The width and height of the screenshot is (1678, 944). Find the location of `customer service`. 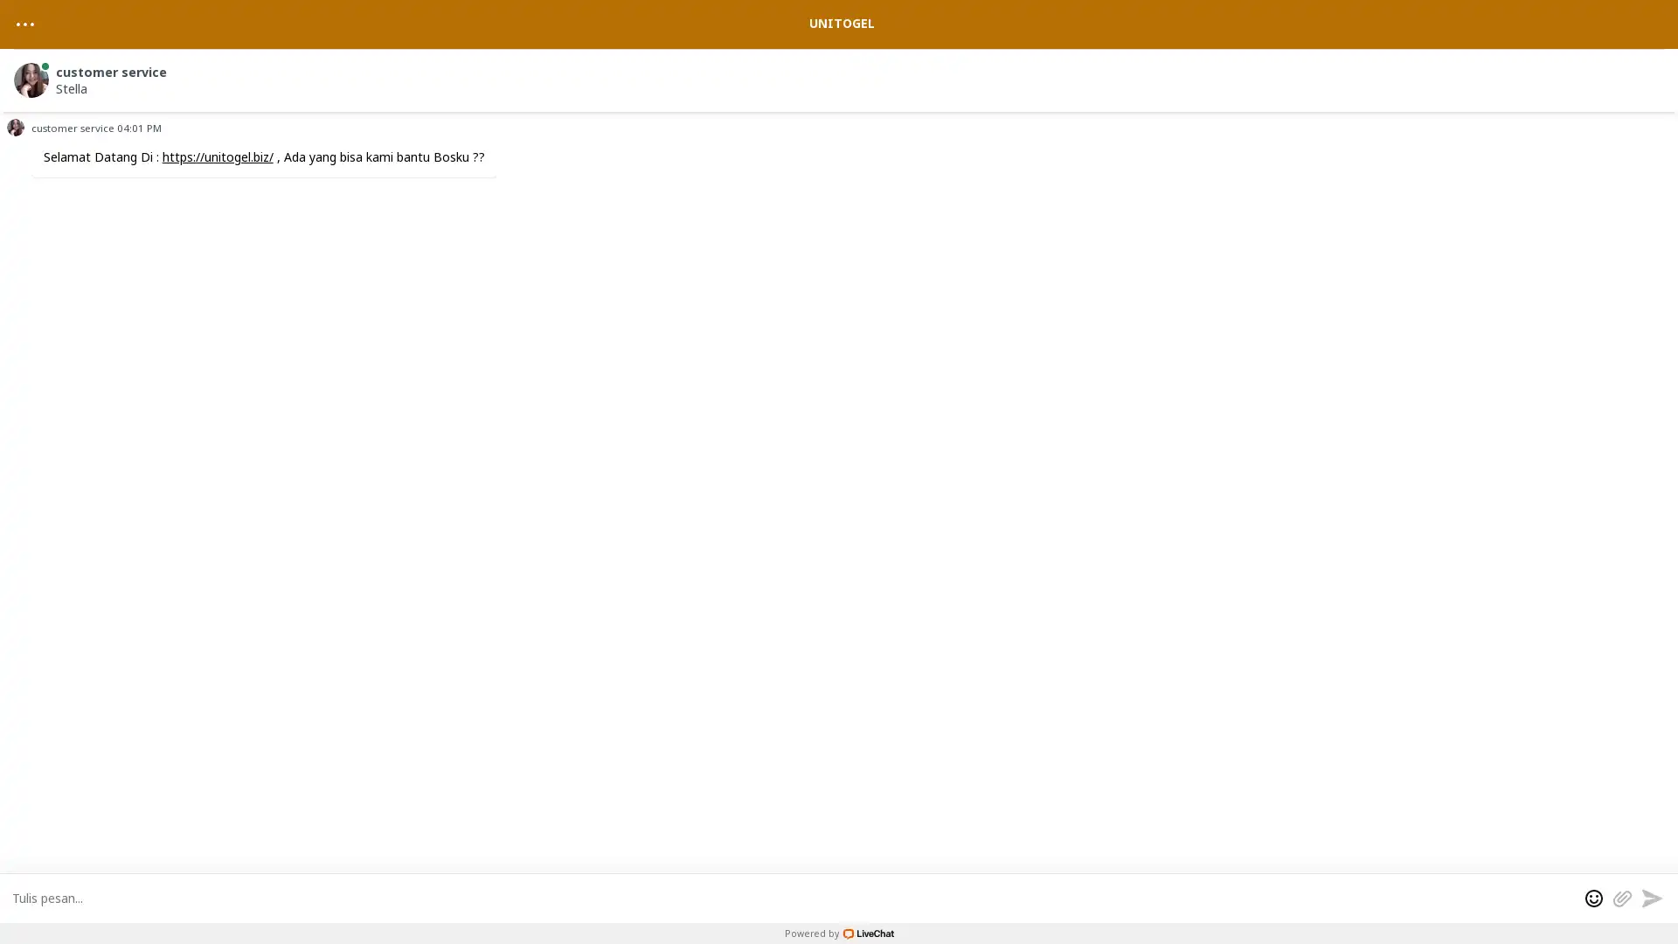

customer service is located at coordinates (842, 76).